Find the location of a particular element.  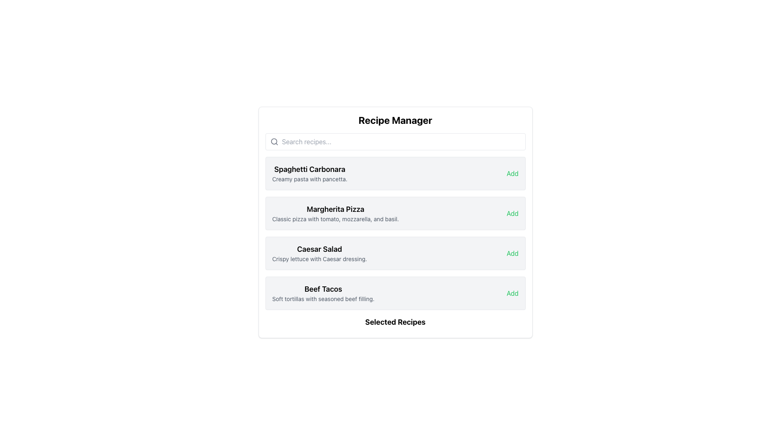

the text label indicating 'Margherita Pizza', which serves as the title for this menu item is located at coordinates (335, 209).